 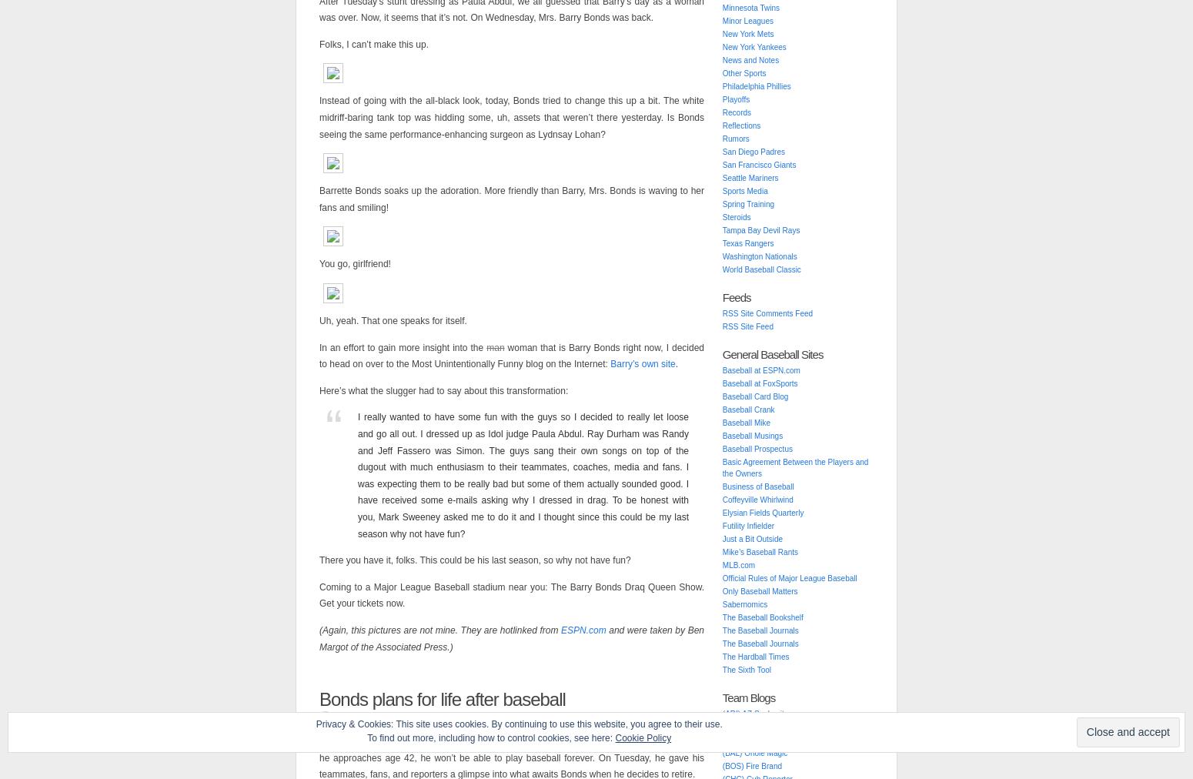 I want to click on 'Published', so click(x=334, y=717).